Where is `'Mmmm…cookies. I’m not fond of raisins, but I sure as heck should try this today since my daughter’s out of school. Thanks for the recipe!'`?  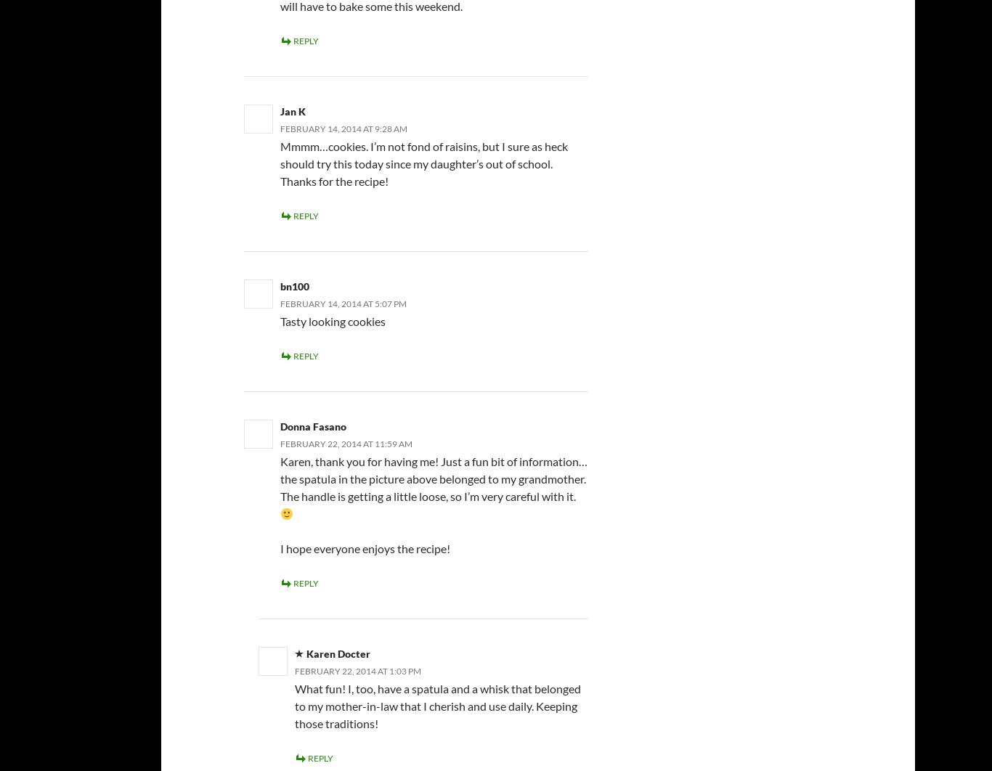
'Mmmm…cookies. I’m not fond of raisins, but I sure as heck should try this today since my daughter’s out of school. Thanks for the recipe!' is located at coordinates (423, 163).